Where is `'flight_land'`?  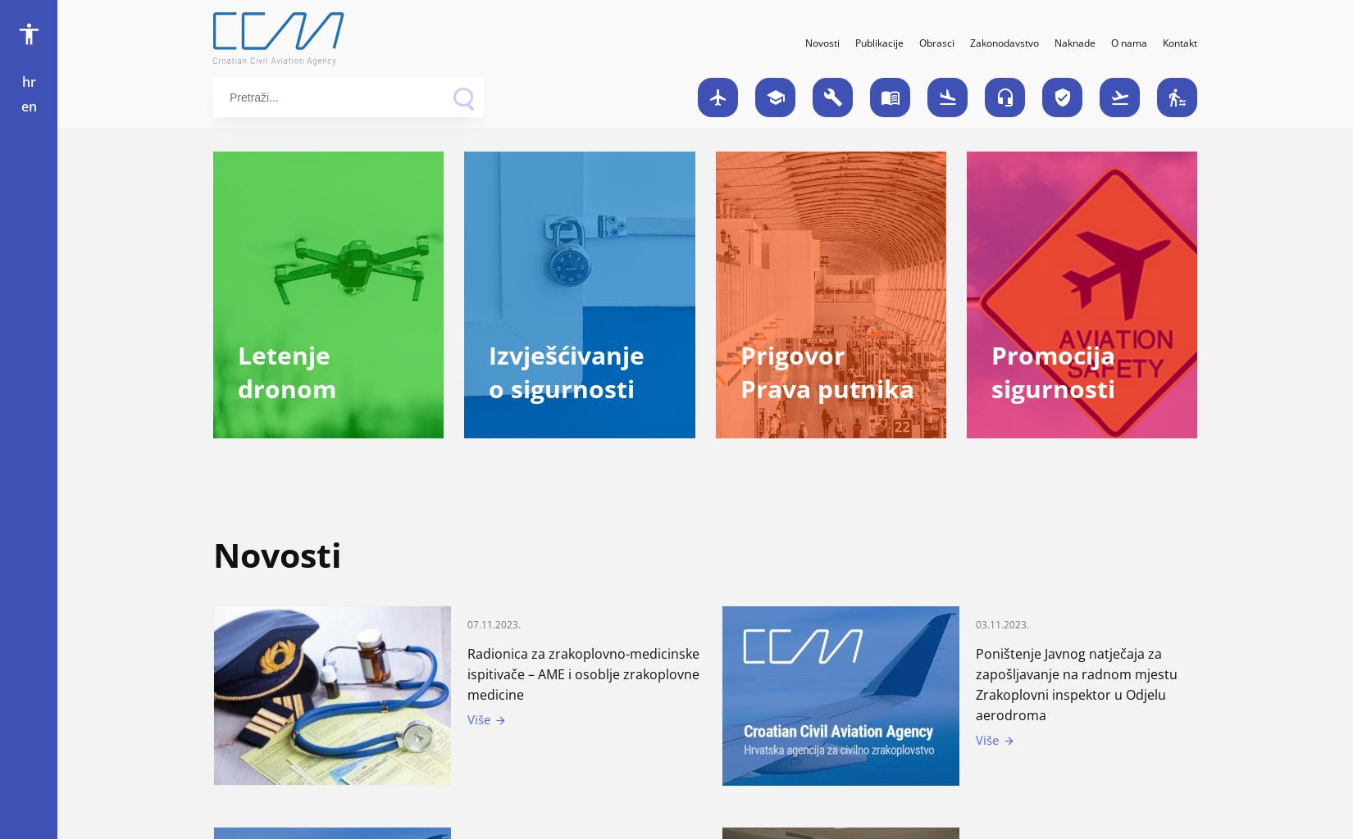
'flight_land' is located at coordinates (936, 96).